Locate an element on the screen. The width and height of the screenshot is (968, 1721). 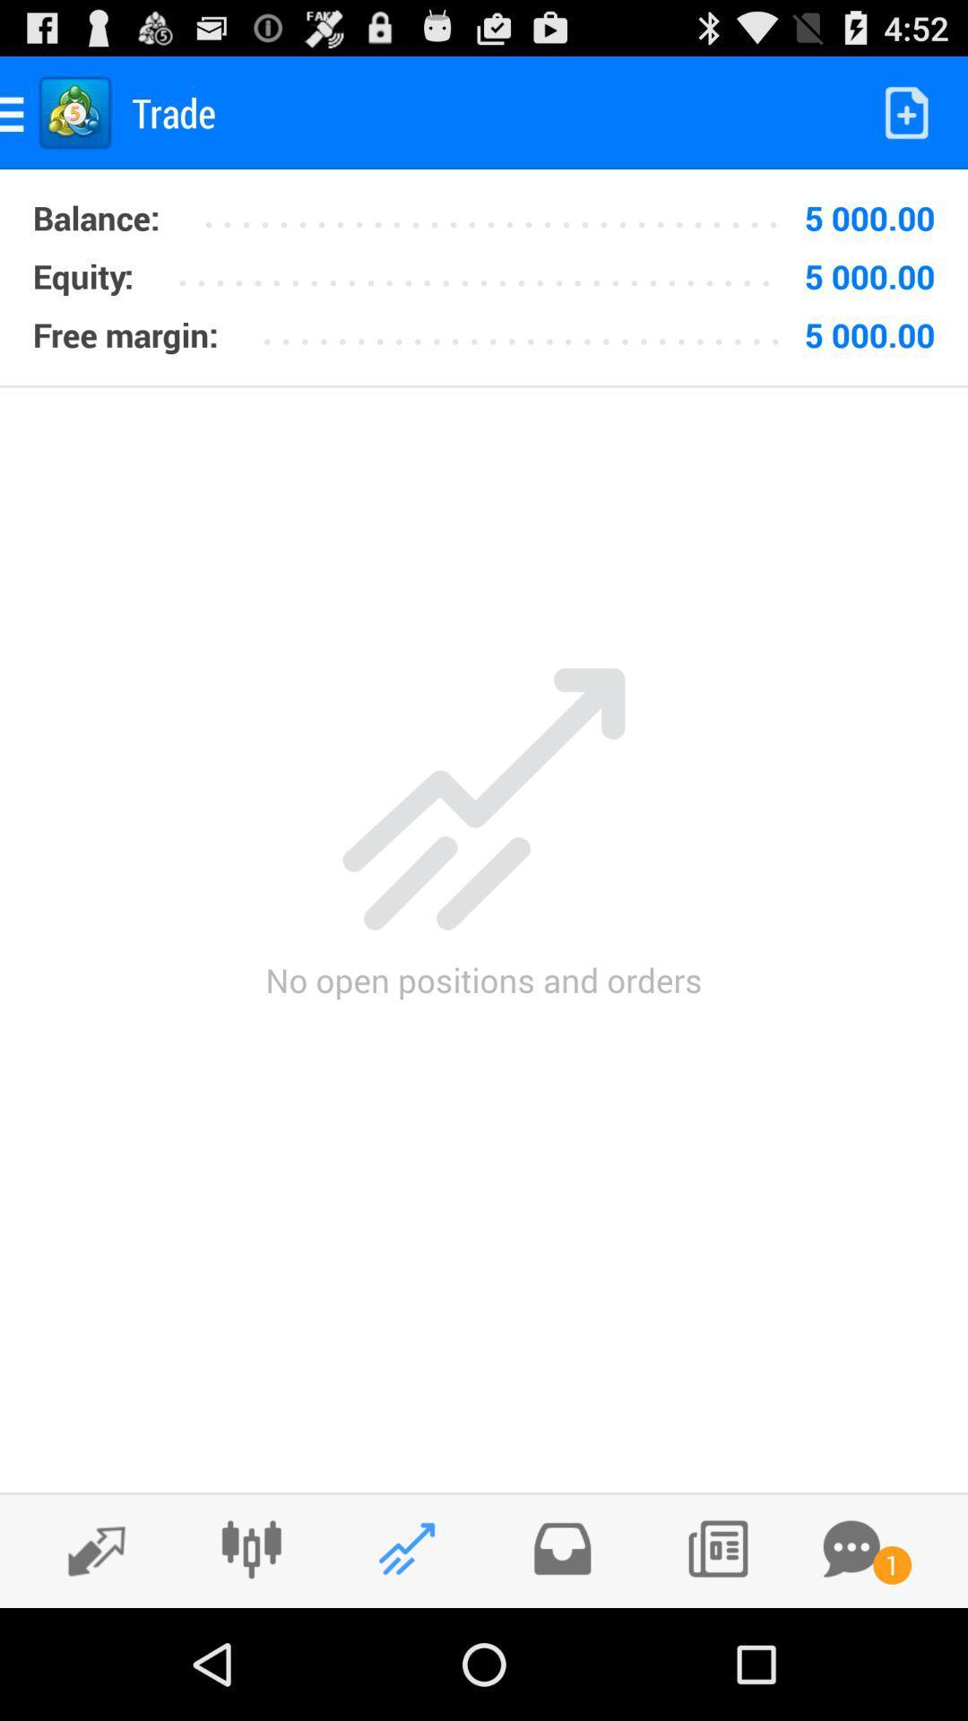
the edit icon is located at coordinates (87, 1657).